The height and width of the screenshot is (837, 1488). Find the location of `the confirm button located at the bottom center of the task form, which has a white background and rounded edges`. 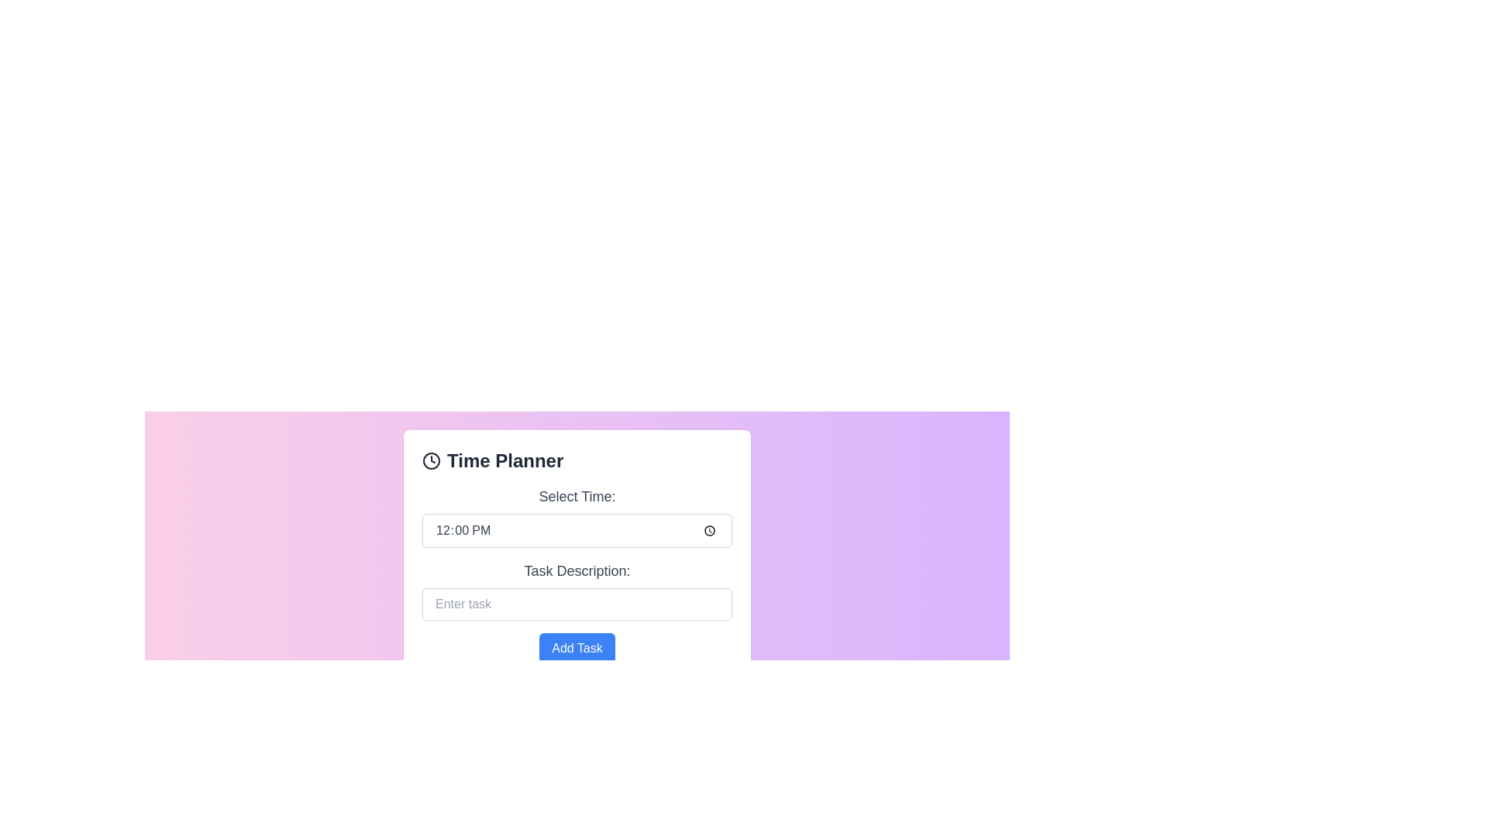

the confirm button located at the bottom center of the task form, which has a white background and rounded edges is located at coordinates (576, 649).